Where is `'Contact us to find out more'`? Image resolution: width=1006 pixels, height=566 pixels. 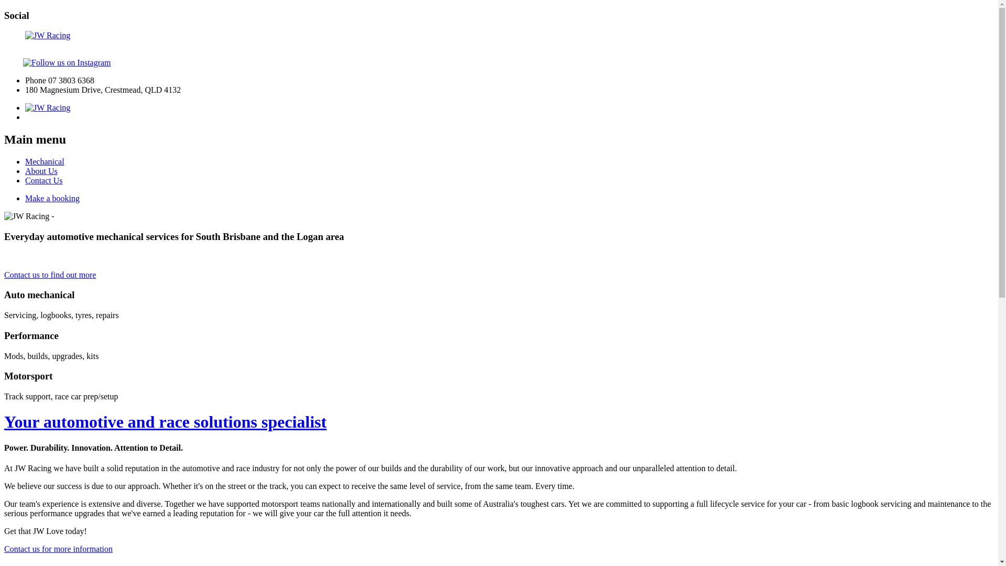
'Contact us to find out more' is located at coordinates (50, 274).